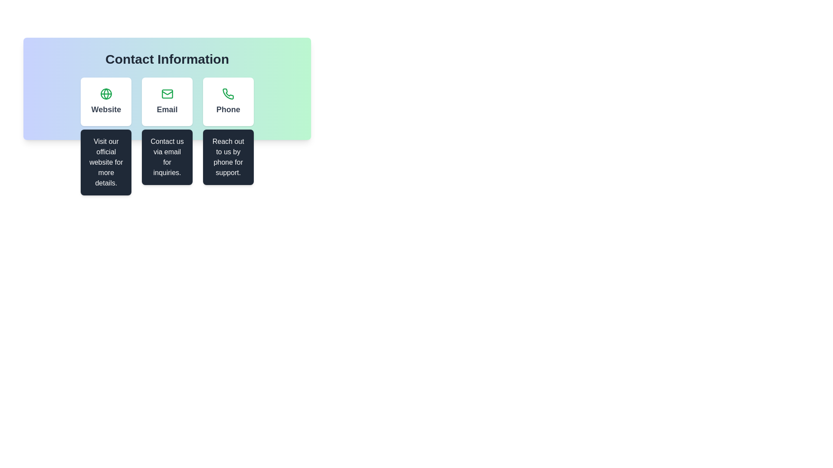  I want to click on the additional details provided in the tooltip or informational panel located below the 'Website' button in the 'Contact Information' section, so click(105, 162).